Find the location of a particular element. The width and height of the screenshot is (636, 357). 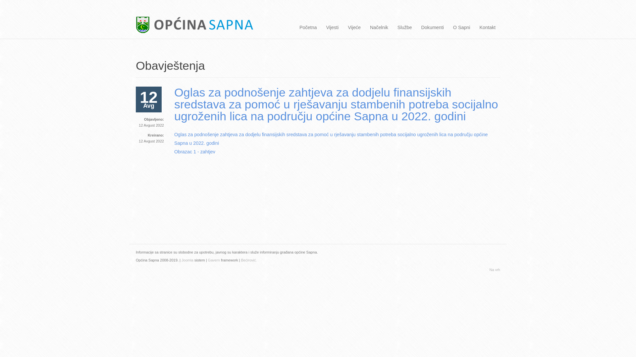

' Joomla' is located at coordinates (181, 259).